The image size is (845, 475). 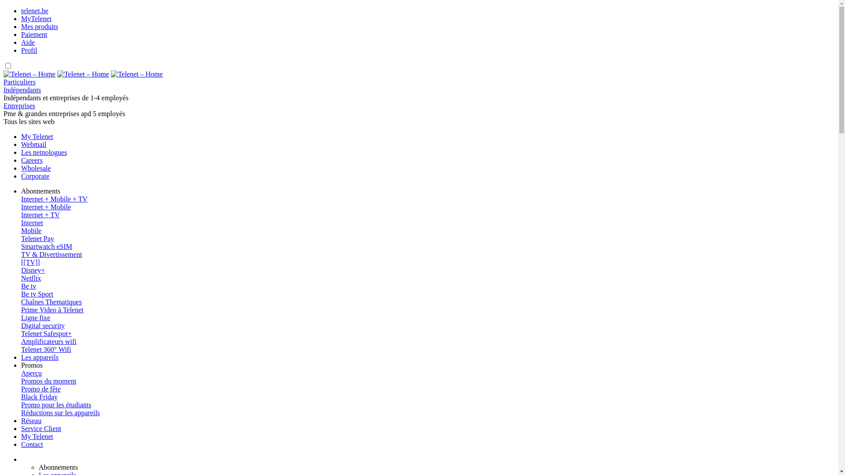 What do you see at coordinates (36, 18) in the screenshot?
I see `'MyTelenet'` at bounding box center [36, 18].